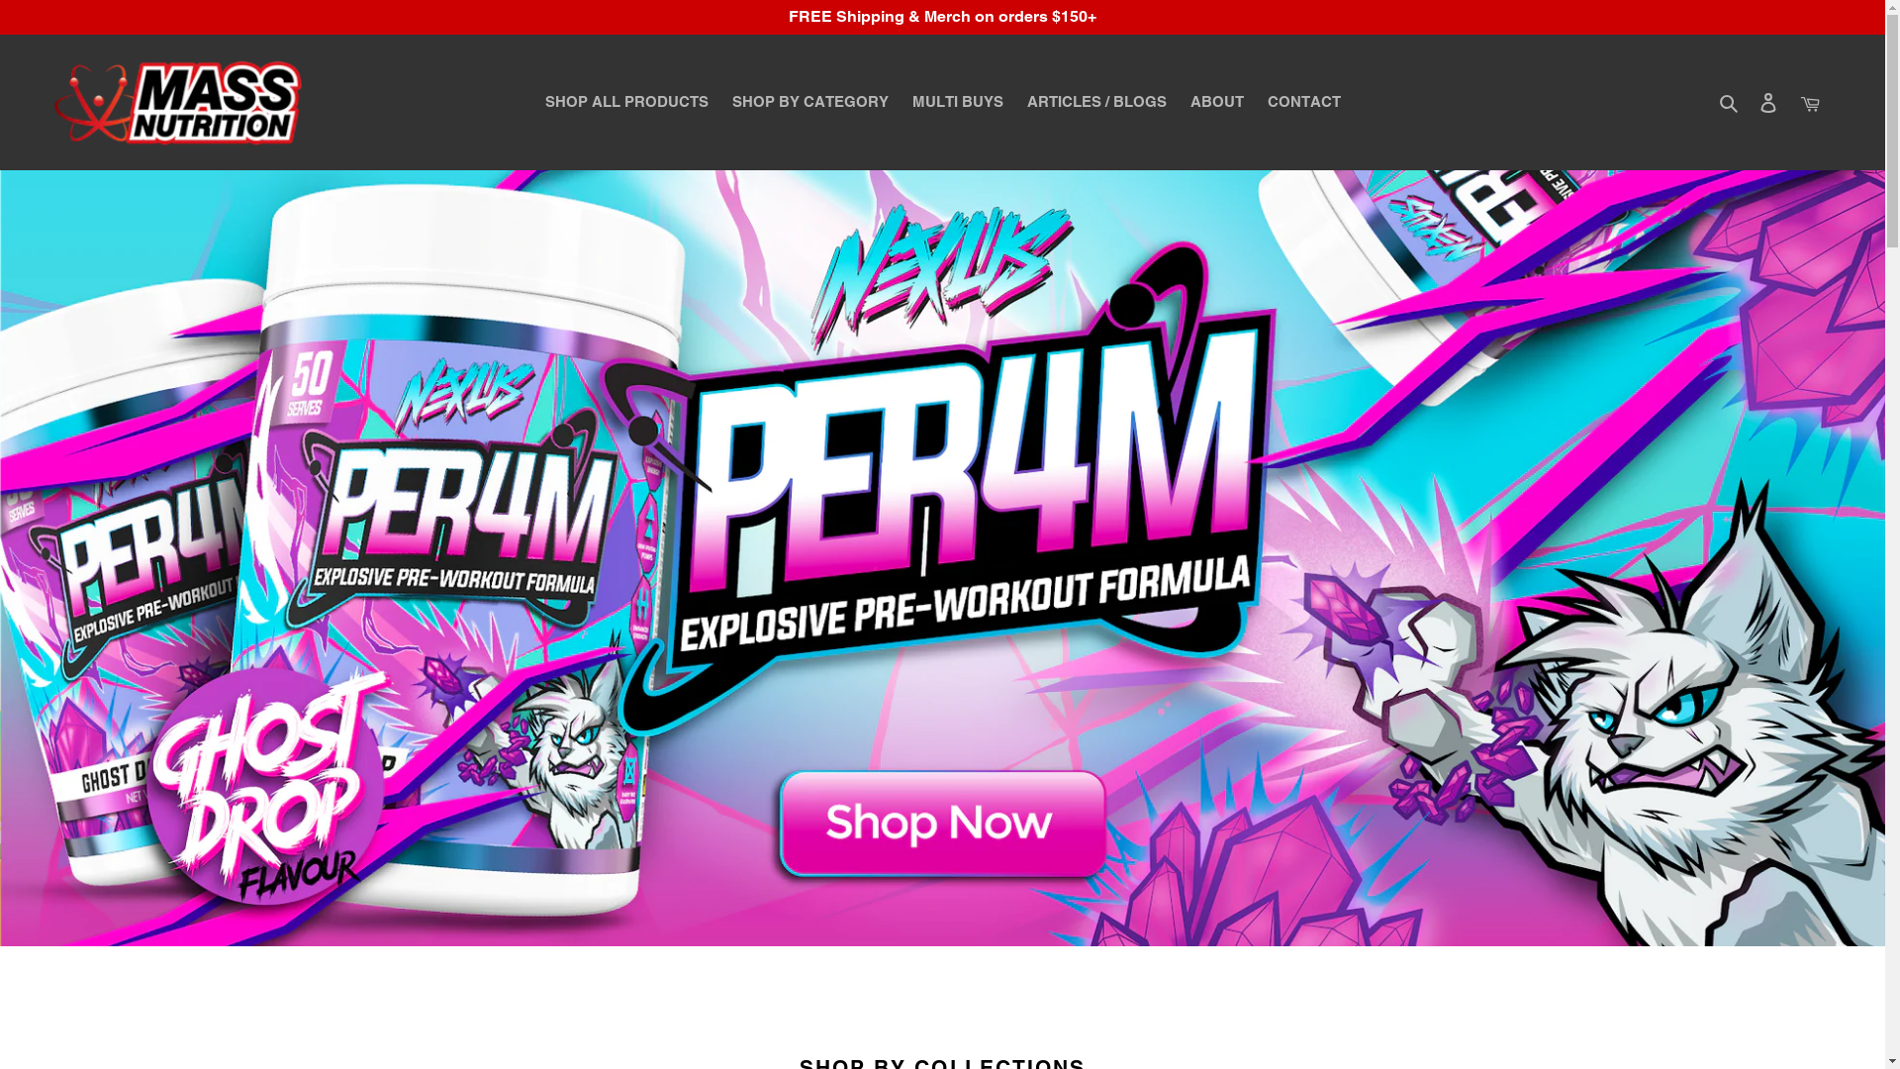 Image resolution: width=1900 pixels, height=1069 pixels. I want to click on 'Search', so click(1729, 102).